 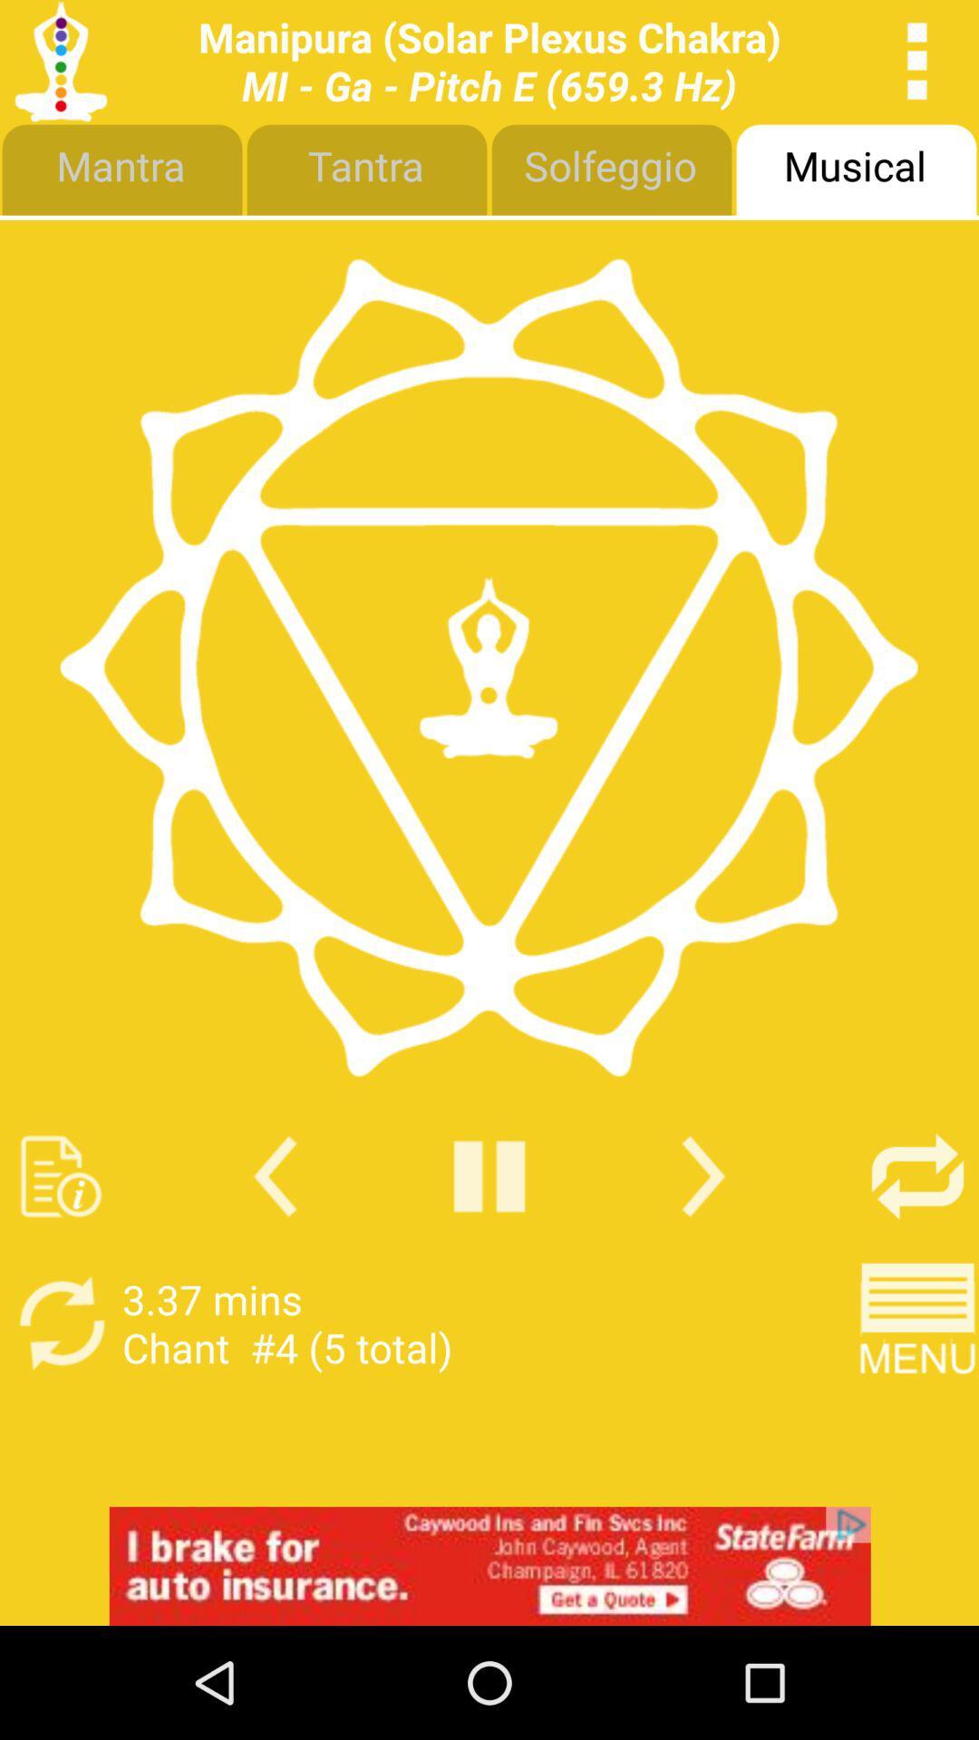 What do you see at coordinates (703, 1258) in the screenshot?
I see `the arrow_forward icon` at bounding box center [703, 1258].